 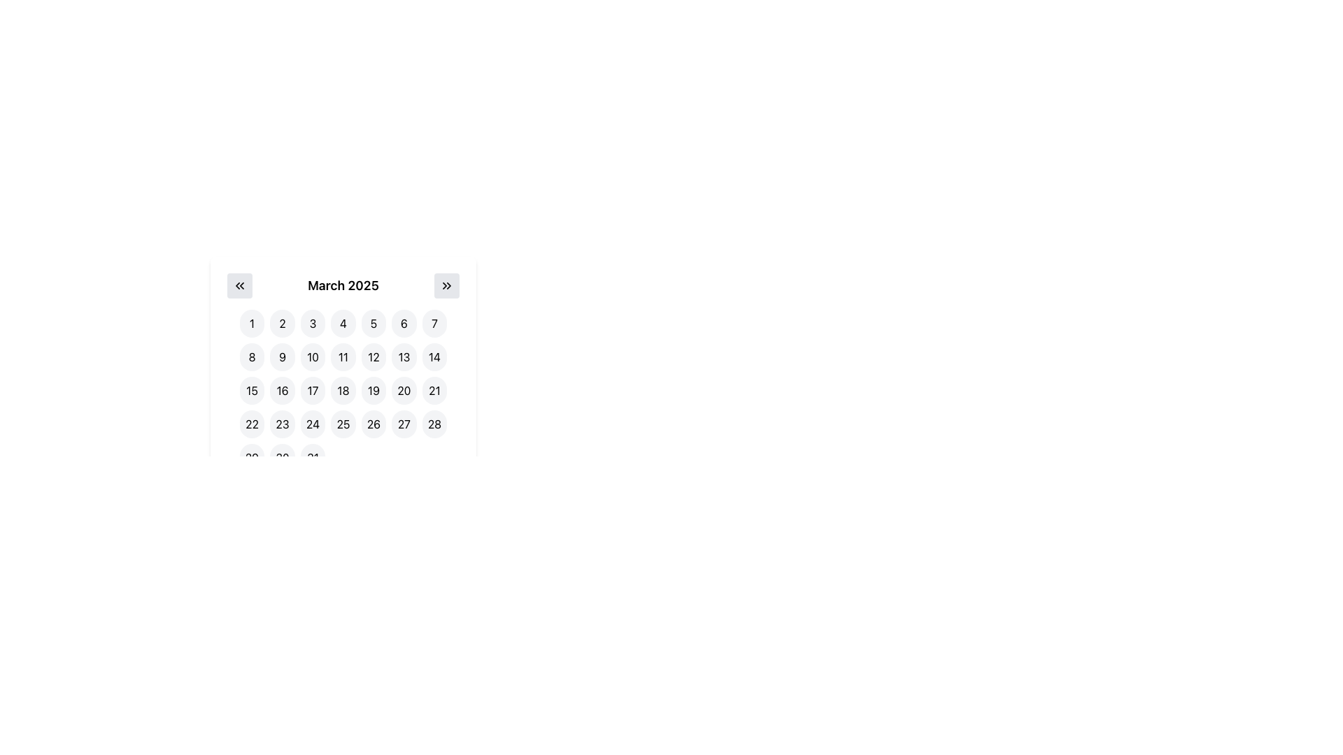 I want to click on the circular button with a double-left chevron icon located at the top-left corner of the calendar titled 'March 2025', so click(x=239, y=285).